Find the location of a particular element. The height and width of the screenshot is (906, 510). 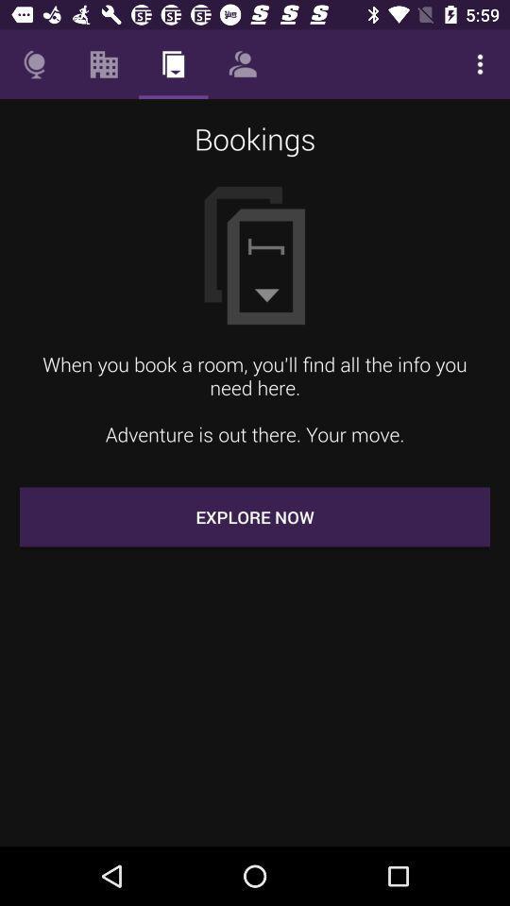

item at the top right corner is located at coordinates (480, 64).